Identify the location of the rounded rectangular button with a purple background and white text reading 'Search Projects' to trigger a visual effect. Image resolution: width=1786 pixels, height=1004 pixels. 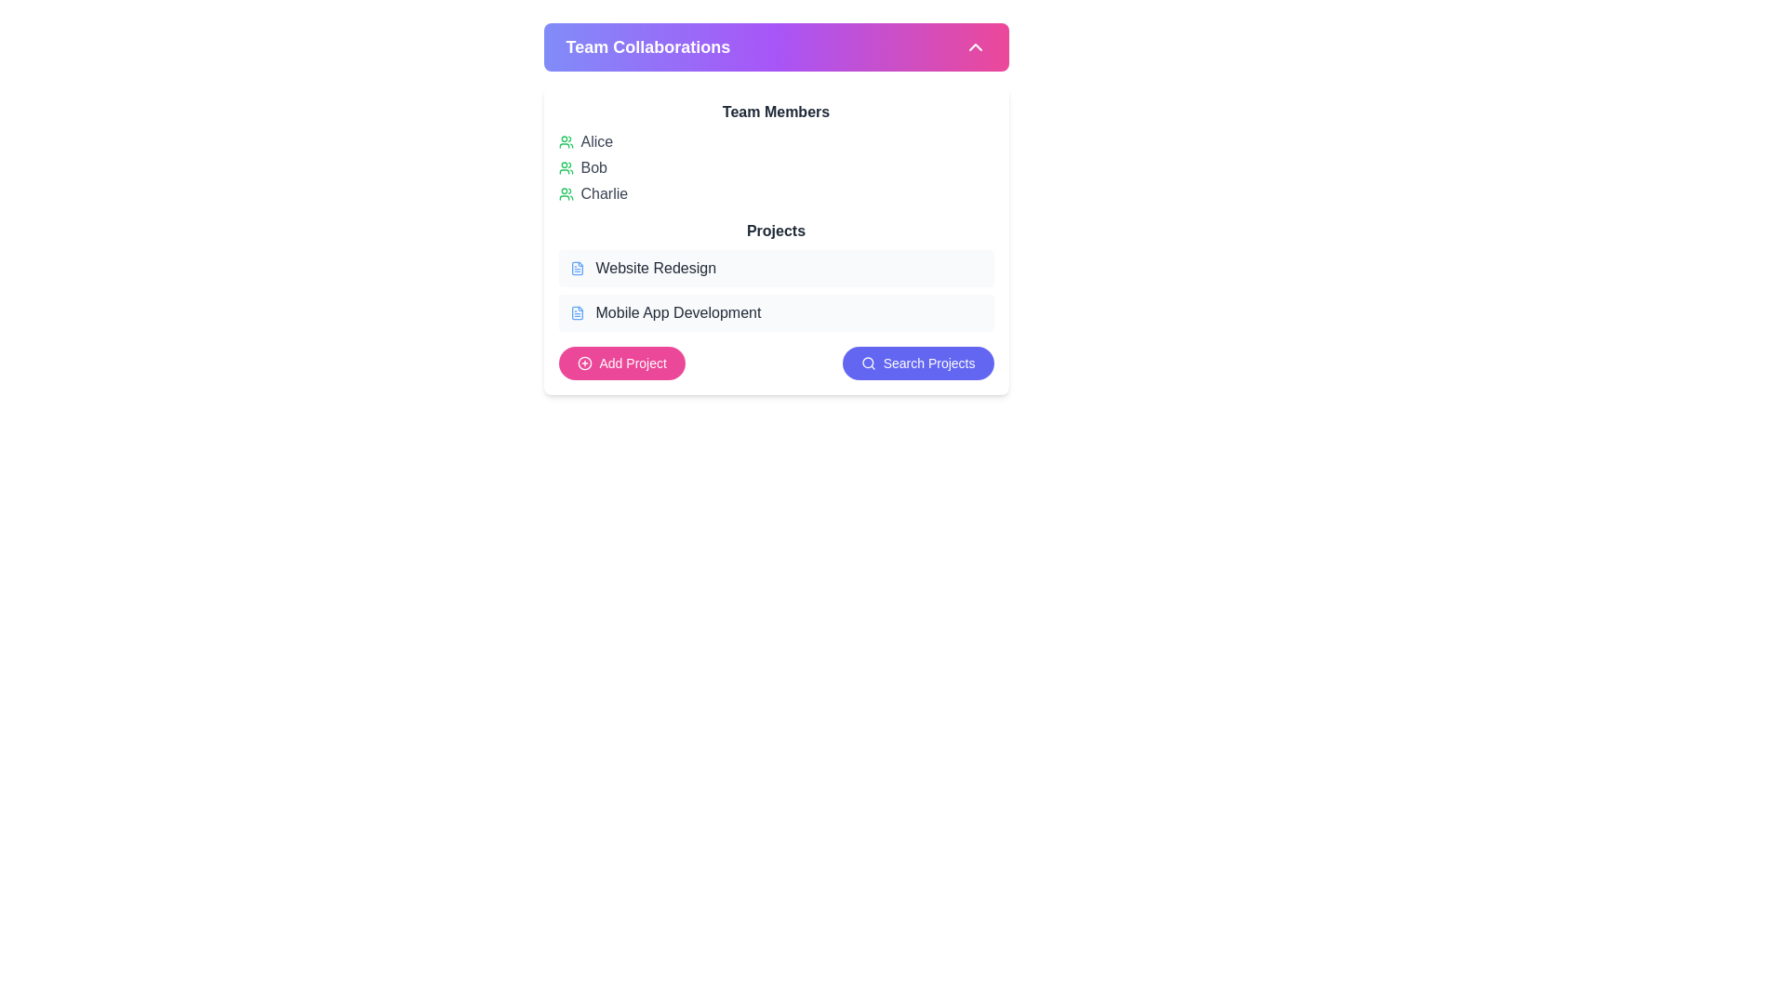
(918, 363).